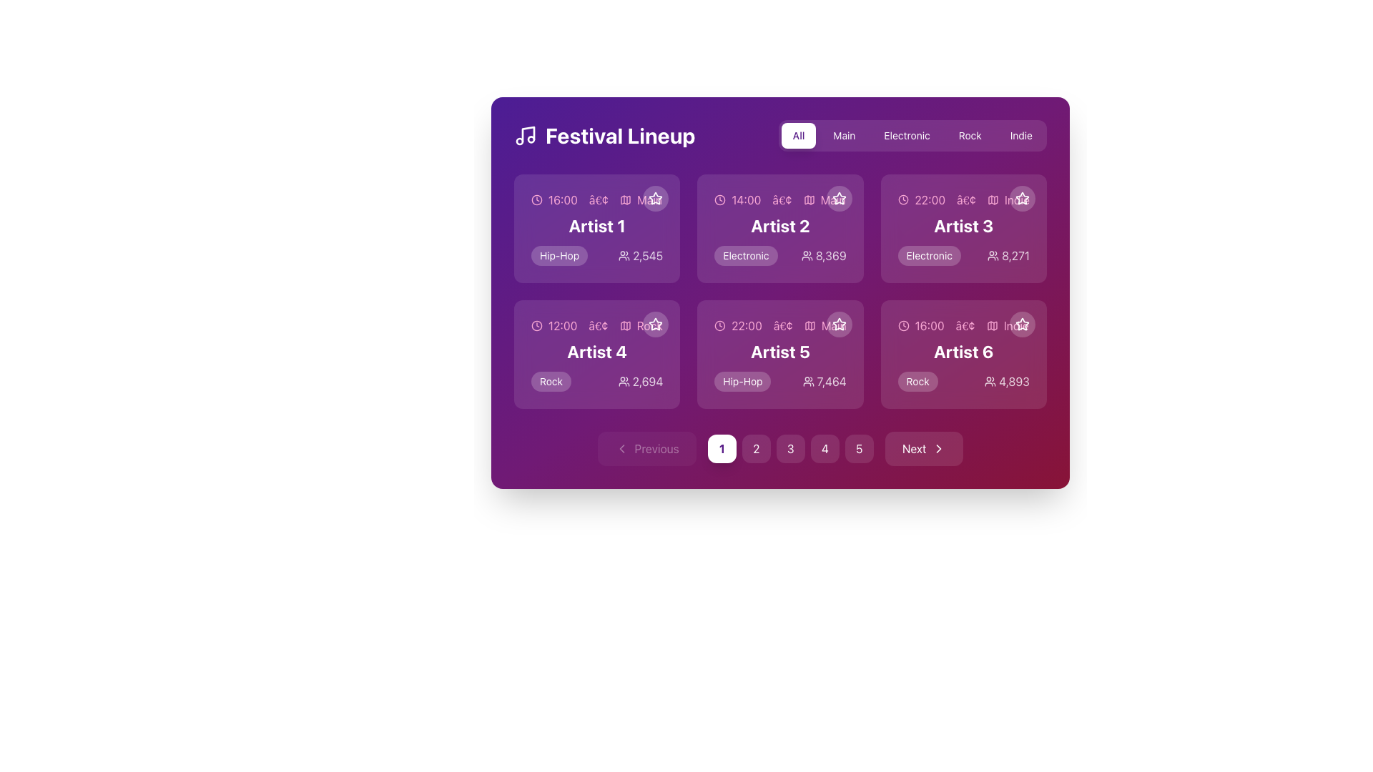 This screenshot has width=1373, height=772. Describe the element at coordinates (963, 200) in the screenshot. I see `the Label with icons that provides scheduling and categorization information for the Artist 3 card, located at the top center area of the card` at that location.